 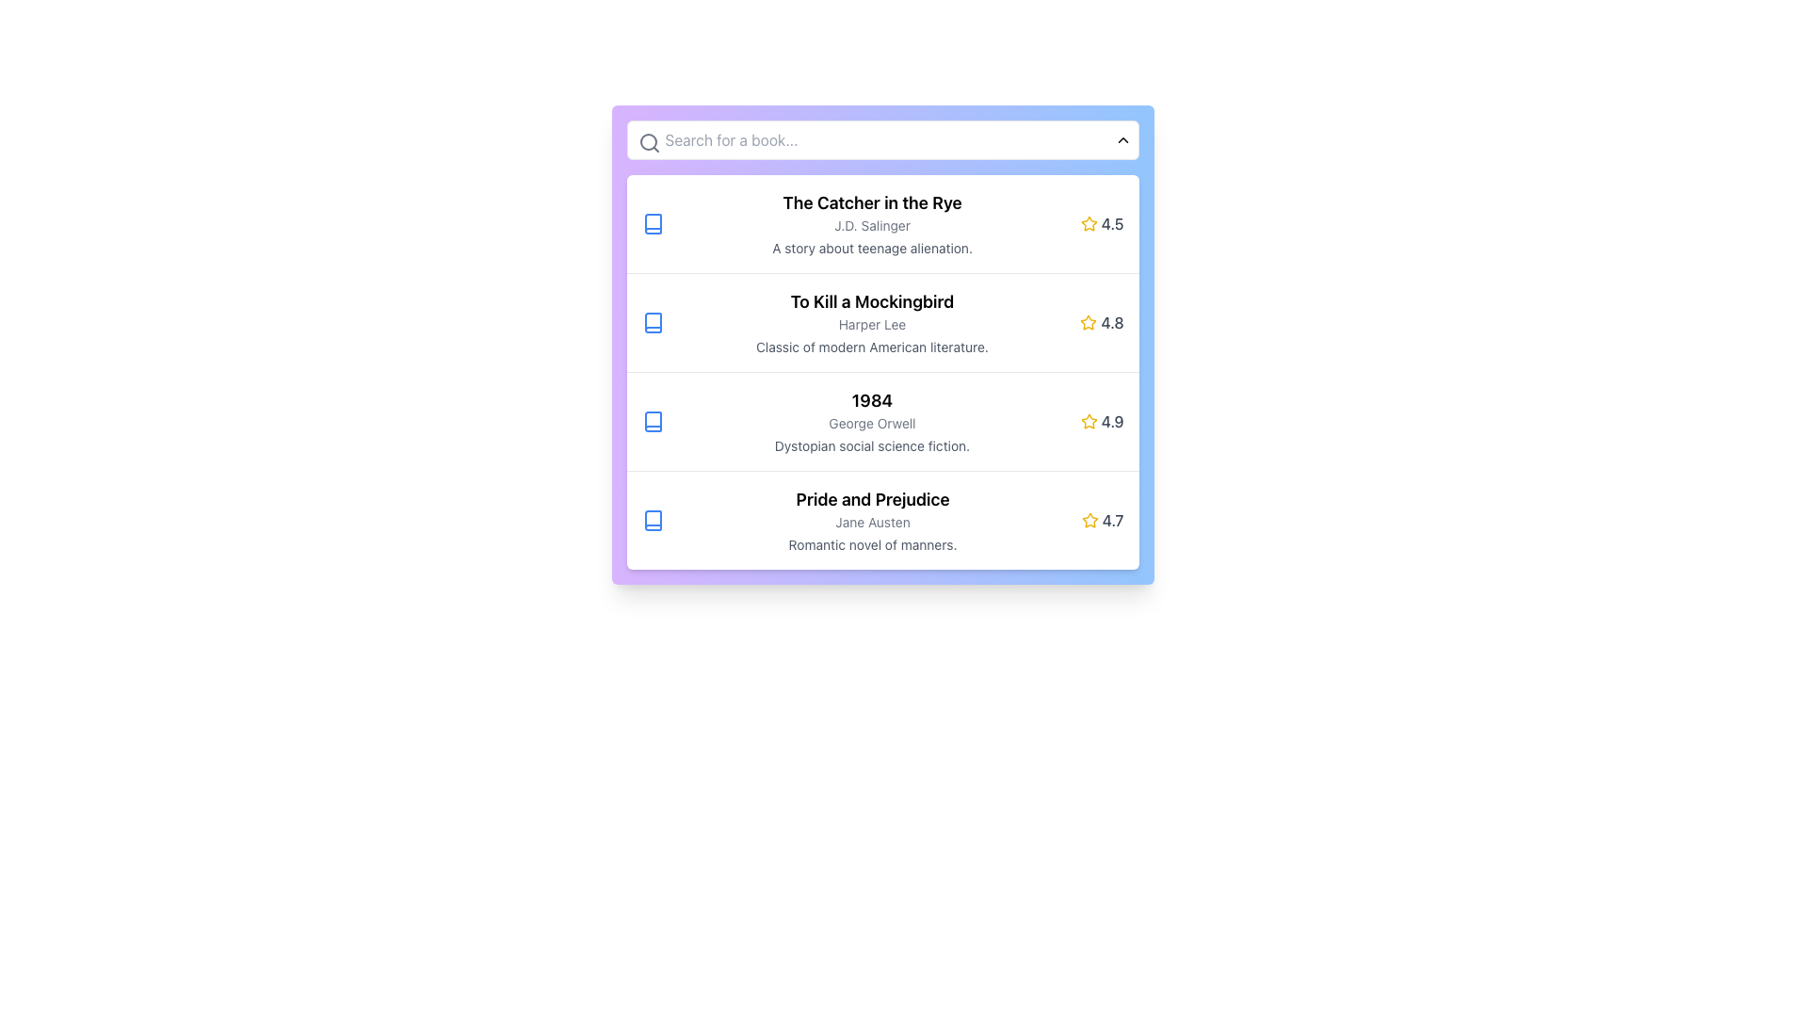 What do you see at coordinates (871, 520) in the screenshot?
I see `displayed text of the book entry in the main textual block within the fourth list item of the book list` at bounding box center [871, 520].